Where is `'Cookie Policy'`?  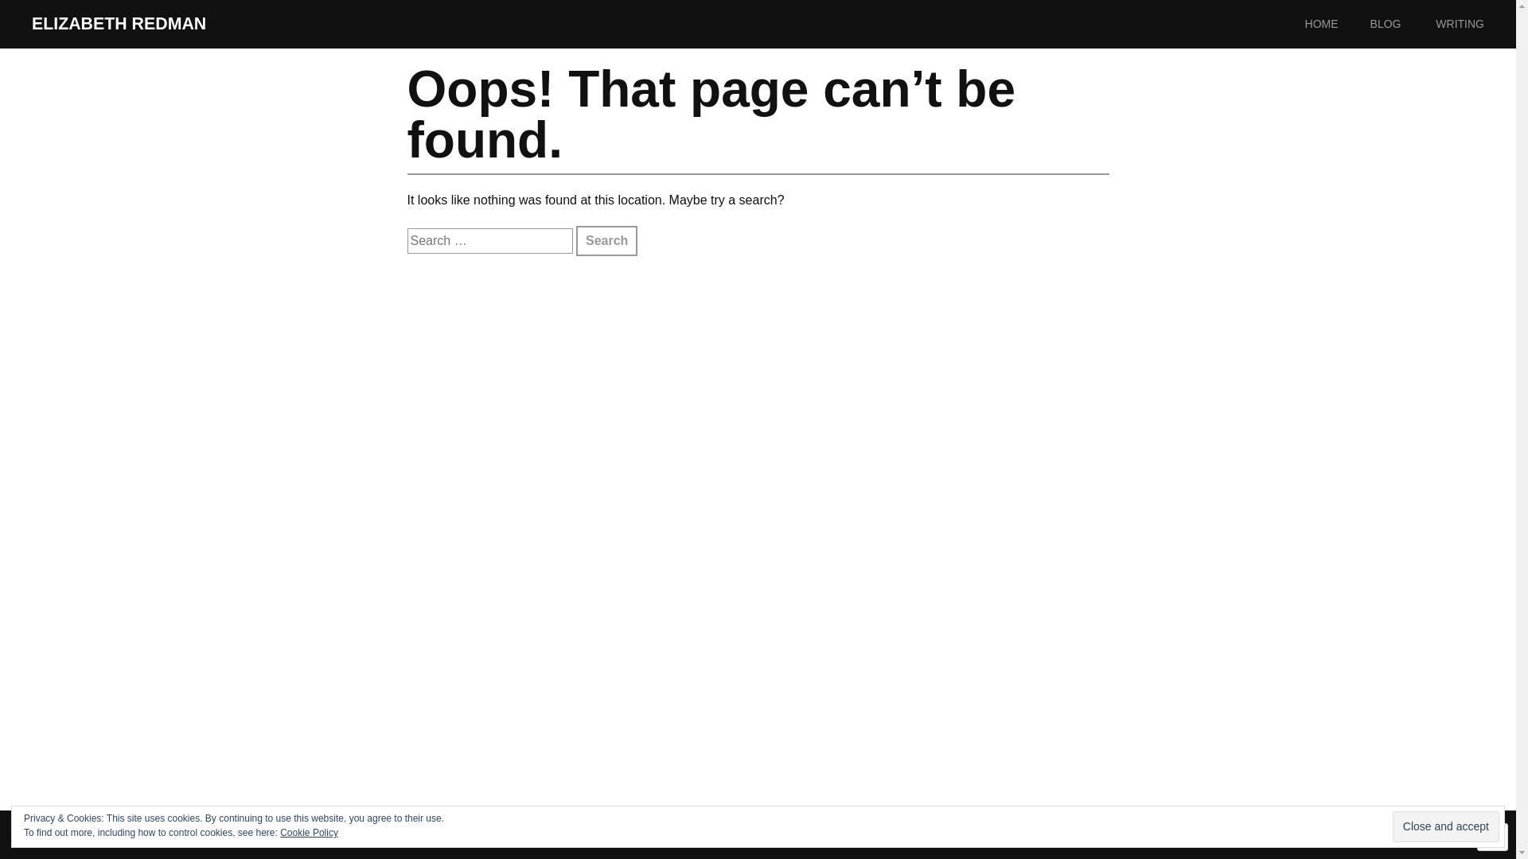 'Cookie Policy' is located at coordinates (309, 831).